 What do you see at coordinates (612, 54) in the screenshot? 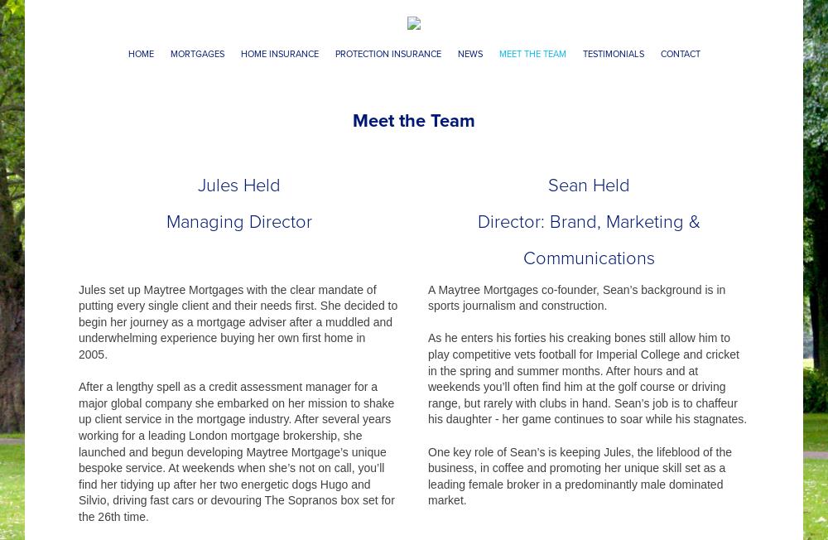
I see `'Testimonials'` at bounding box center [612, 54].